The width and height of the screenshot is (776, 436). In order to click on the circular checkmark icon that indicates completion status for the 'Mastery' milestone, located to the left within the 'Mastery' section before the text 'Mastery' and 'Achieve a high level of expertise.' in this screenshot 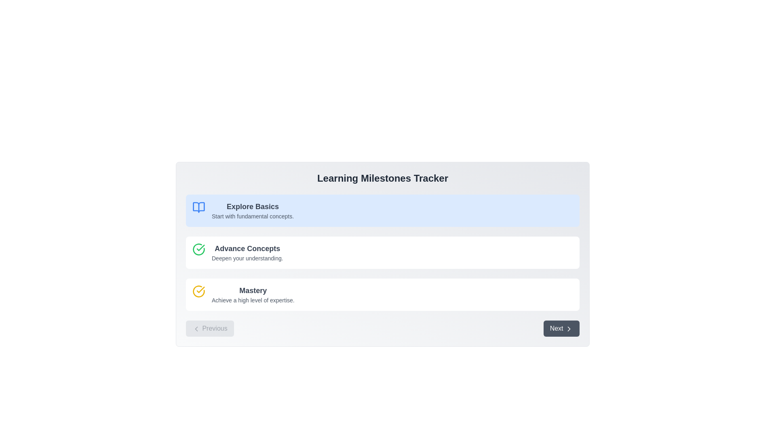, I will do `click(198, 294)`.